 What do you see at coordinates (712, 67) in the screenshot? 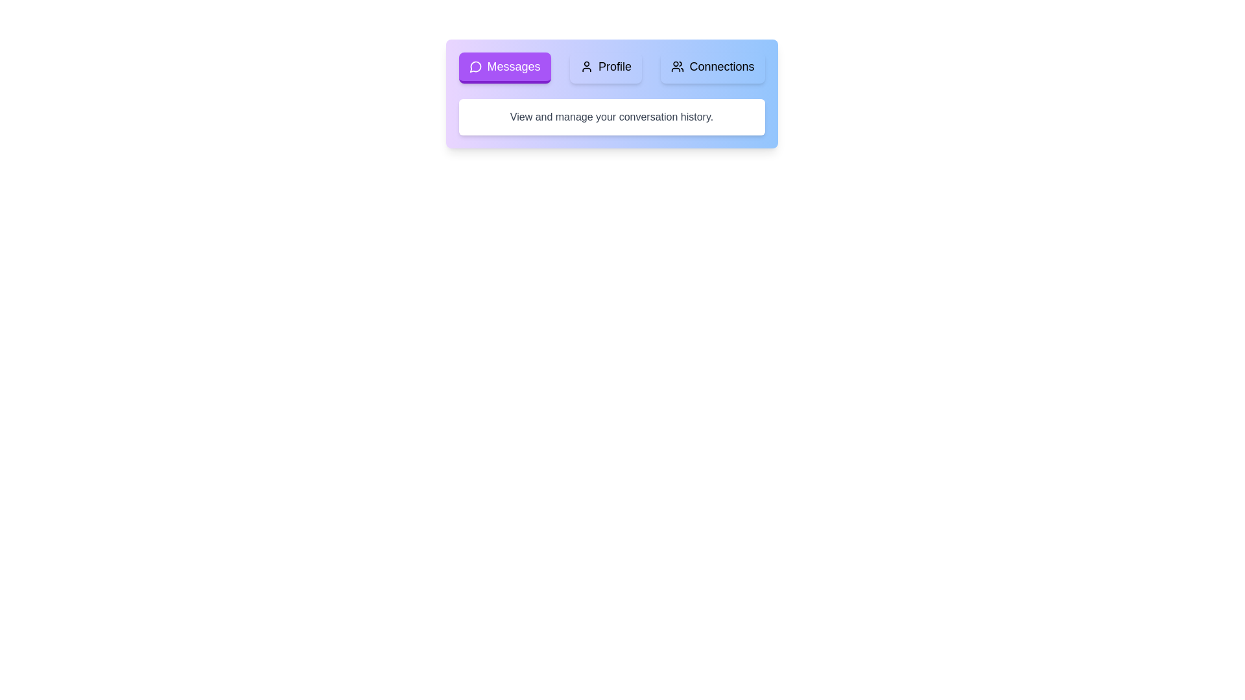
I see `the 'Connections' button, which is the third button from the left in the navigation bar, featuring a light blue background and an icon of two people followed by bold black text` at bounding box center [712, 67].